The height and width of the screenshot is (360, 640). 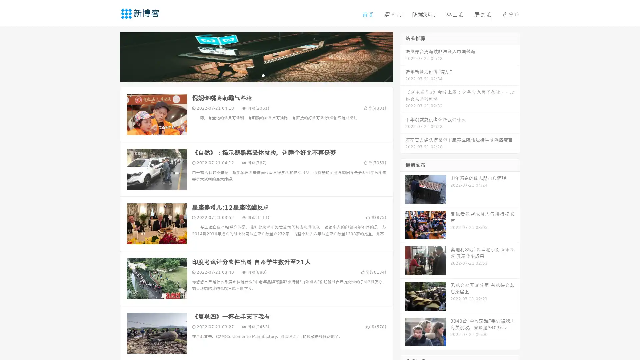 I want to click on Go to slide 3, so click(x=263, y=75).